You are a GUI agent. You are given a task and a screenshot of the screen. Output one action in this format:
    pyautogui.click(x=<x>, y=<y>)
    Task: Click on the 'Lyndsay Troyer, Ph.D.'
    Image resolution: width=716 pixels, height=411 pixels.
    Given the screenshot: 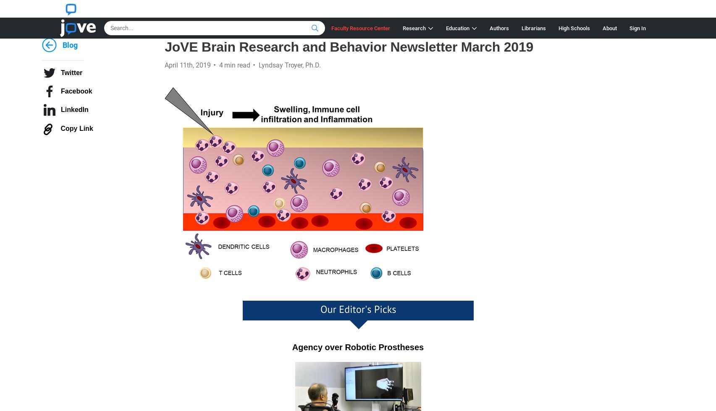 What is the action you would take?
    pyautogui.click(x=289, y=65)
    